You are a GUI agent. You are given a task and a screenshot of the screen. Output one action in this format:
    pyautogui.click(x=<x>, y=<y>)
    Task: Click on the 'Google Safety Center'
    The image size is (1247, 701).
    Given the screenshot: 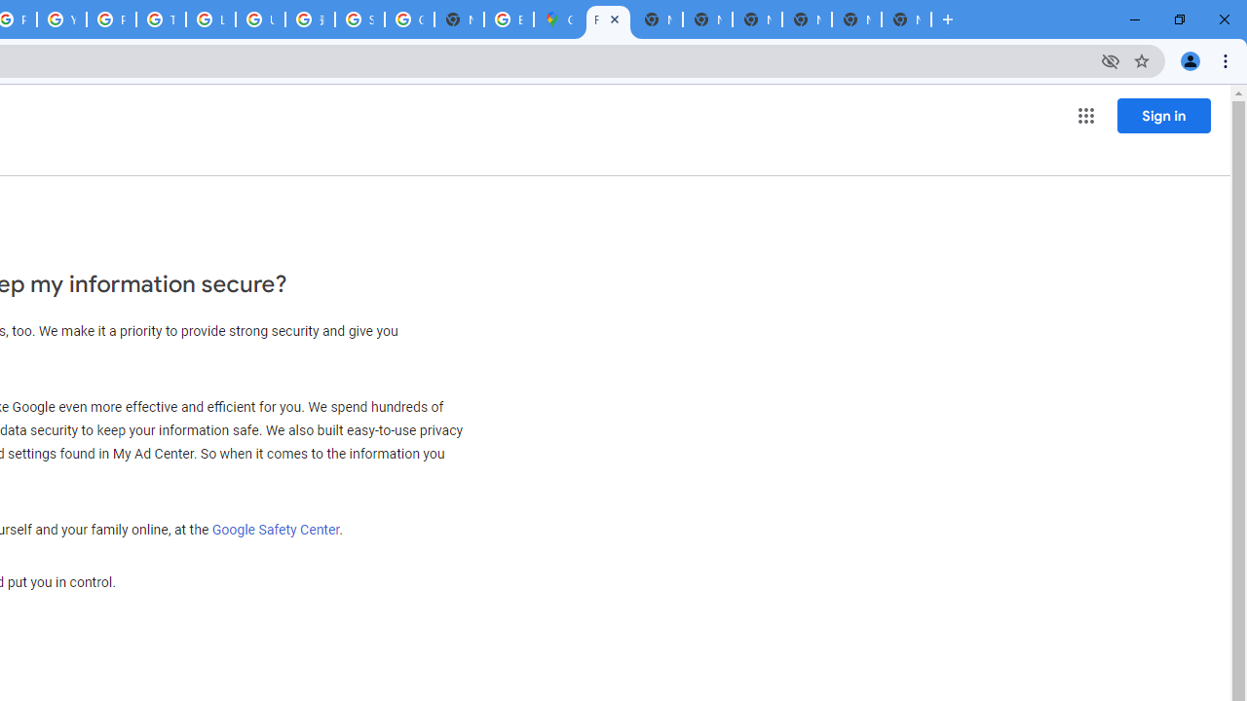 What is the action you would take?
    pyautogui.click(x=275, y=529)
    